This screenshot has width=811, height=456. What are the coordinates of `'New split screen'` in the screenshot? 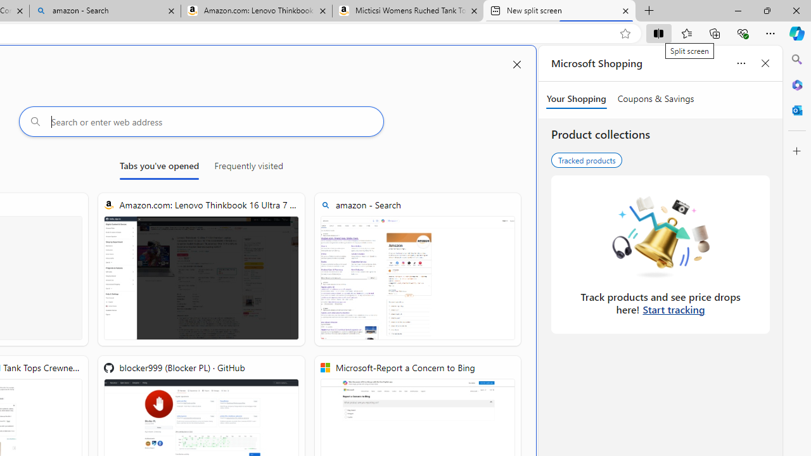 It's located at (559, 11).